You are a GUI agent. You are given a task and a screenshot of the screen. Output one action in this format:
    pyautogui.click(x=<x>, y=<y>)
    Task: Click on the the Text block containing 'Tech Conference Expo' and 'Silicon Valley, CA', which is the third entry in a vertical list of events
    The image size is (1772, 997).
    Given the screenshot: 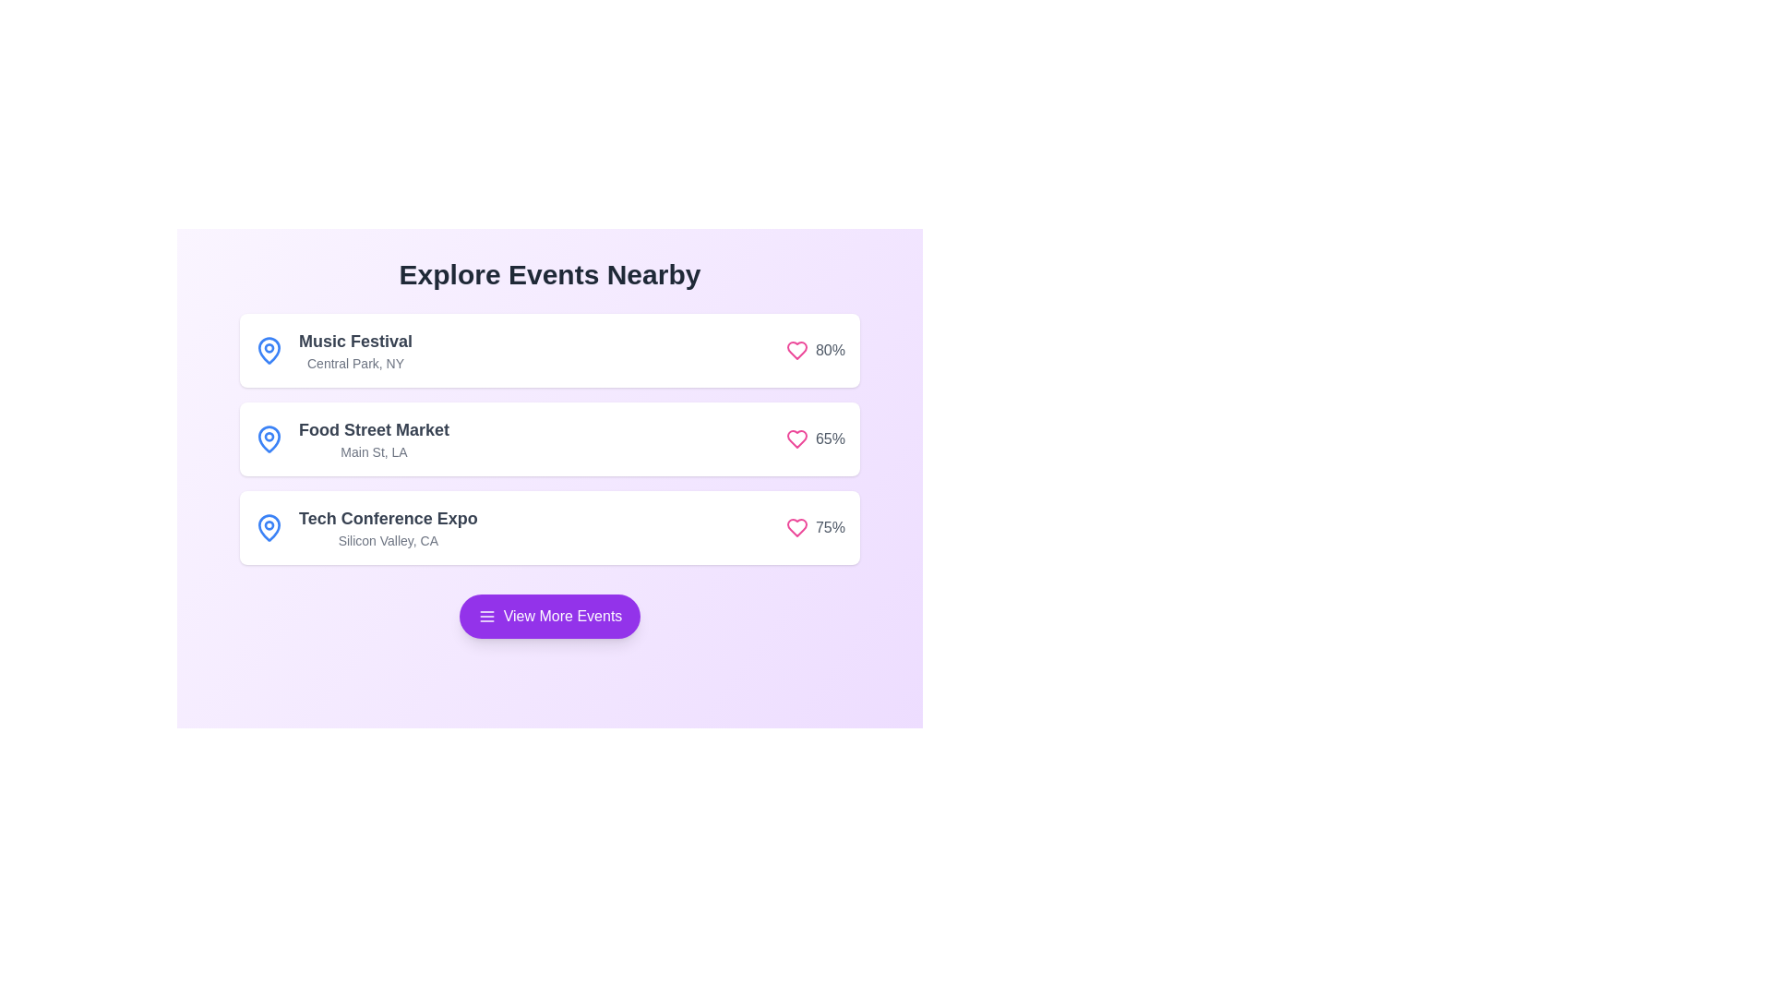 What is the action you would take?
    pyautogui.click(x=387, y=527)
    